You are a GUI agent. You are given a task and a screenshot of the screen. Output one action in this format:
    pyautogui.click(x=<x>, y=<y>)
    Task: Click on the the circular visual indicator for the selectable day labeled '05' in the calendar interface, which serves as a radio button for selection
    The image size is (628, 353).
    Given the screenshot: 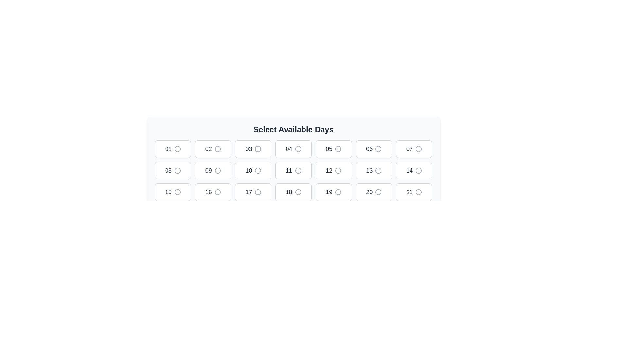 What is the action you would take?
    pyautogui.click(x=338, y=149)
    